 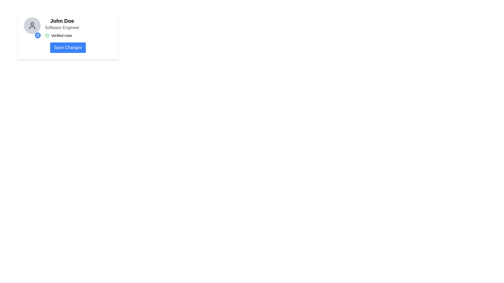 I want to click on the 'Save Changes' button, which is a rectangular button with rounded corners, vibrant blue color, and white text, located at the bottom of the user information card, so click(x=68, y=47).